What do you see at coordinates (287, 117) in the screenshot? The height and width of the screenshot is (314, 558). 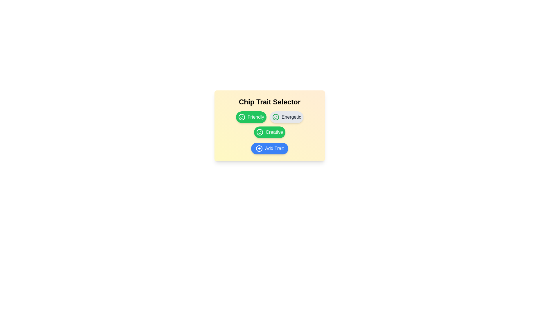 I see `the chip labeled Energetic to observe its hover effect` at bounding box center [287, 117].